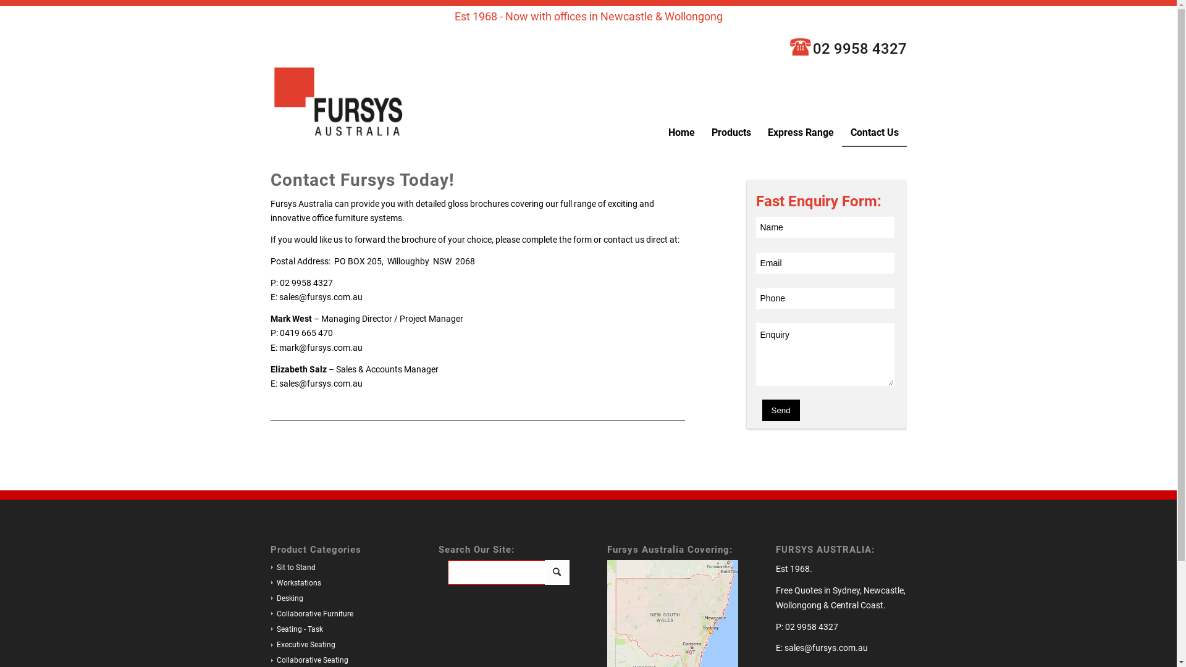 Image resolution: width=1186 pixels, height=667 pixels. What do you see at coordinates (302, 644) in the screenshot?
I see `'Executive Seating'` at bounding box center [302, 644].